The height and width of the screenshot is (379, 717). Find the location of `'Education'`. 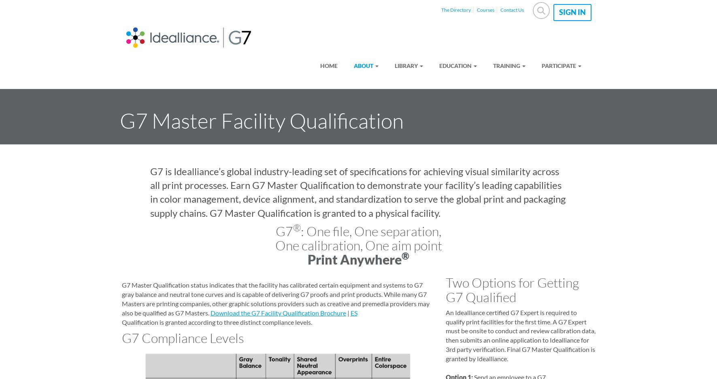

'Education' is located at coordinates (455, 65).